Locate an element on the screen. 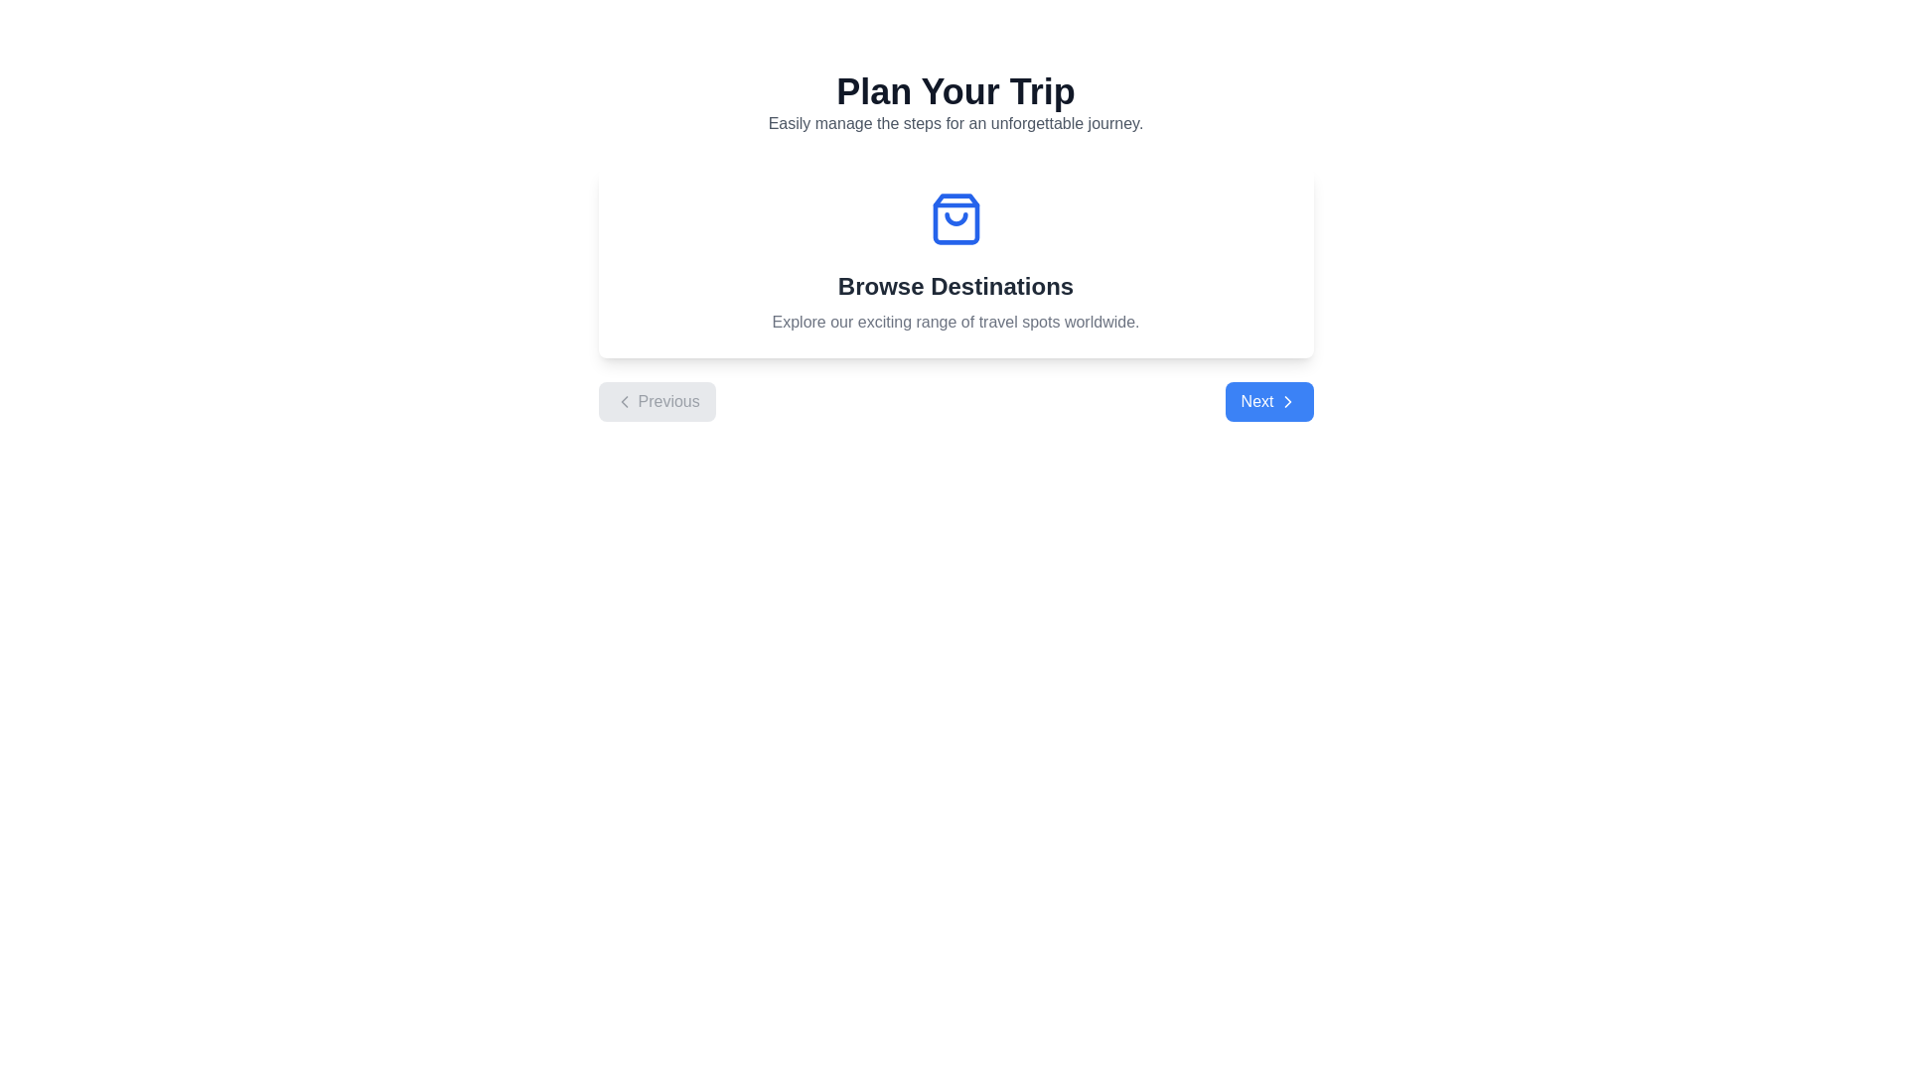 This screenshot has width=1907, height=1072. the shopping bag icon with blue outlines located centrally within the card section below 'Plan Your Trip' and above 'Browse Destinations' is located at coordinates (955, 218).